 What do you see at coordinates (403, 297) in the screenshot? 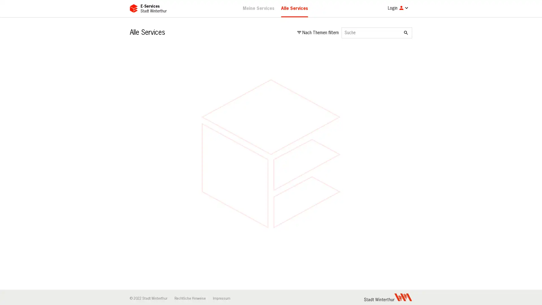
I see `Service Betreibung - Terminverschiebung zu Meine Services hinzufugen` at bounding box center [403, 297].